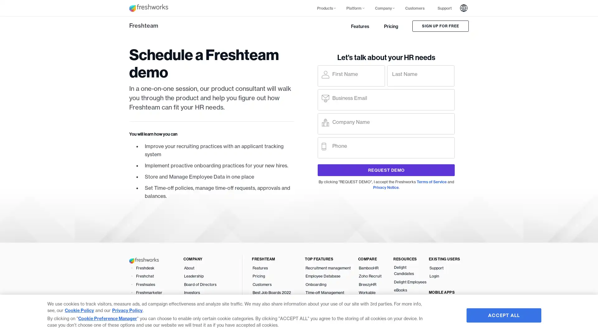 The height and width of the screenshot is (336, 598). I want to click on COMPANY, so click(211, 259).